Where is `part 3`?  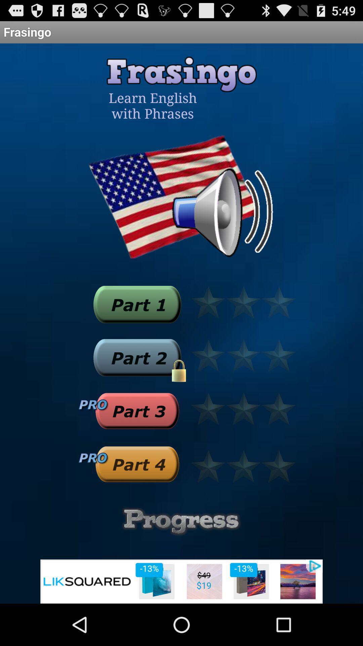 part 3 is located at coordinates (137, 410).